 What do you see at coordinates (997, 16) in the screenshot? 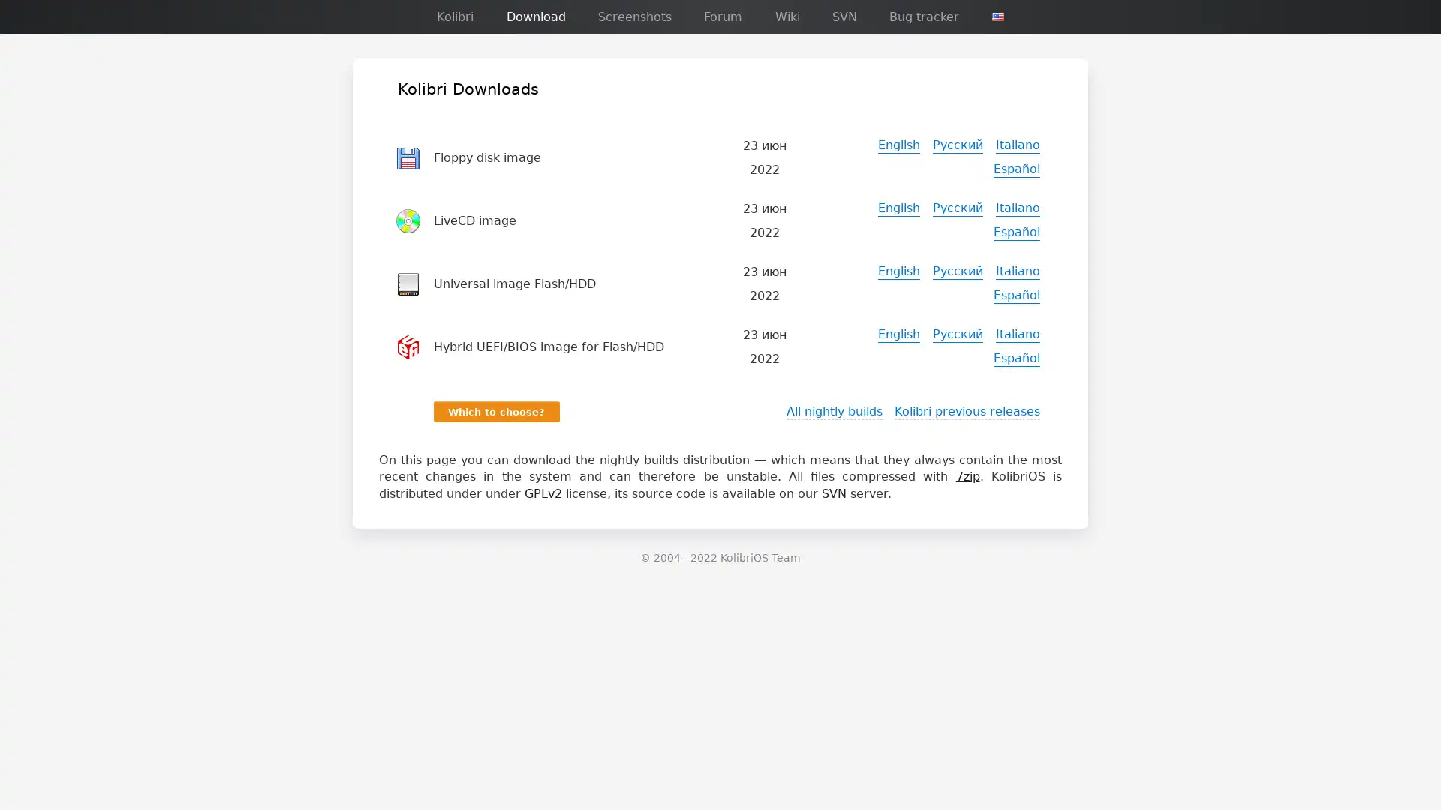
I see `en` at bounding box center [997, 16].